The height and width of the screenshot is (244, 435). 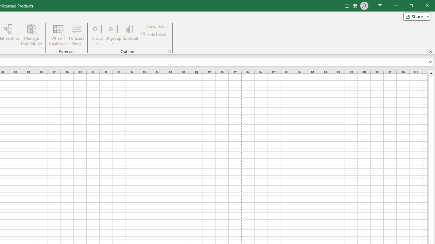 I want to click on 'Share', so click(x=415, y=16).